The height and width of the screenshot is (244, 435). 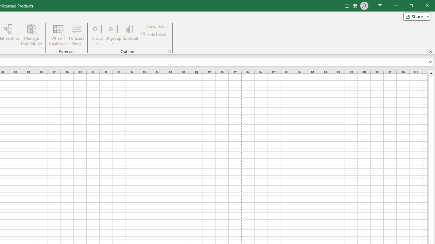 I want to click on 'Share', so click(x=415, y=16).